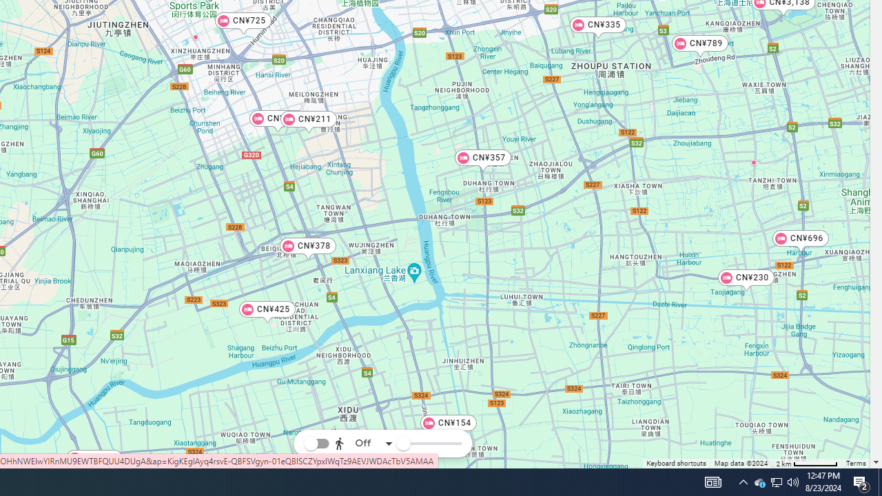  I want to click on 'Reachability slider', so click(402, 444).